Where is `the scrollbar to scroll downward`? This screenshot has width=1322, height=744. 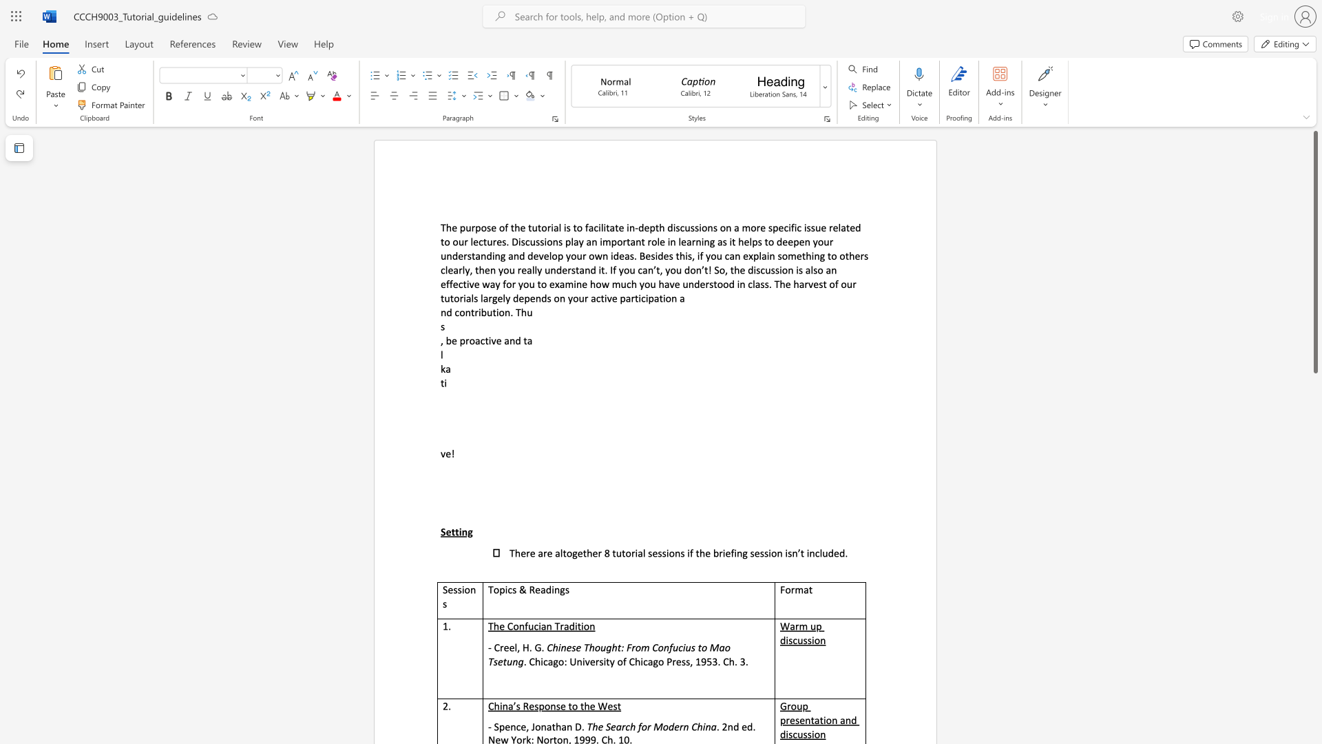 the scrollbar to scroll downward is located at coordinates (1314, 454).